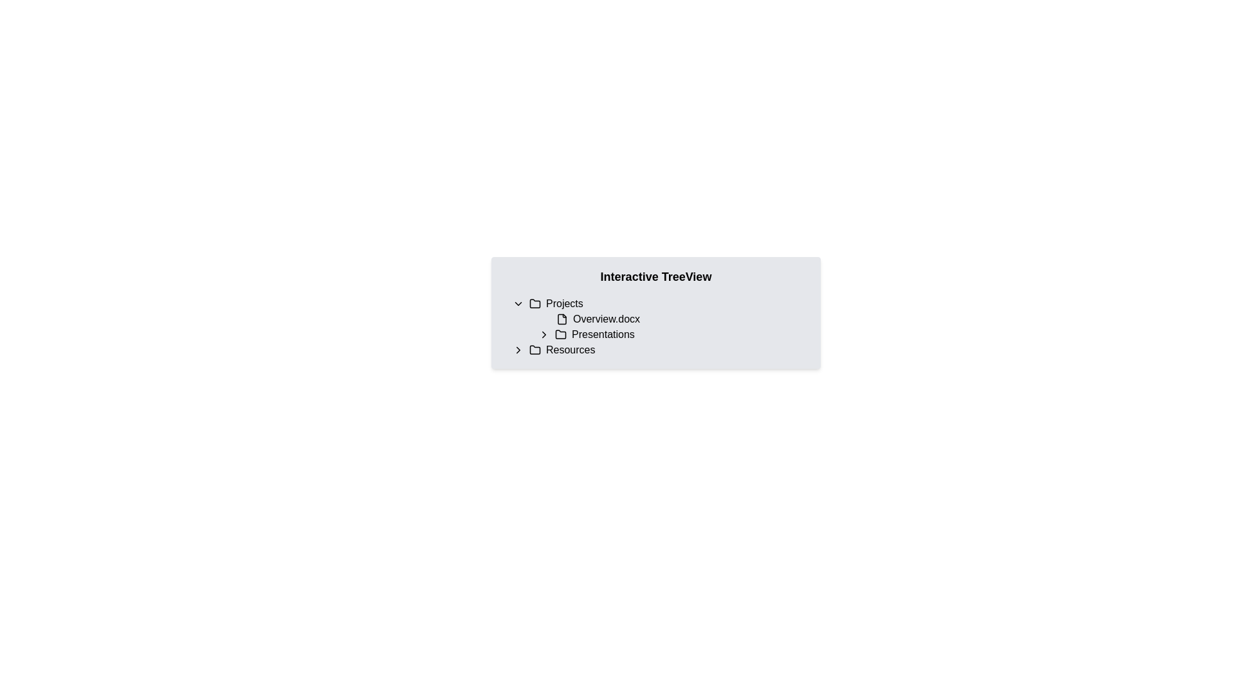  I want to click on the chevron icon pointing to the right, which is styled with a black outline and located immediately to the left of the text 'Resources' in the treeview, so click(518, 350).